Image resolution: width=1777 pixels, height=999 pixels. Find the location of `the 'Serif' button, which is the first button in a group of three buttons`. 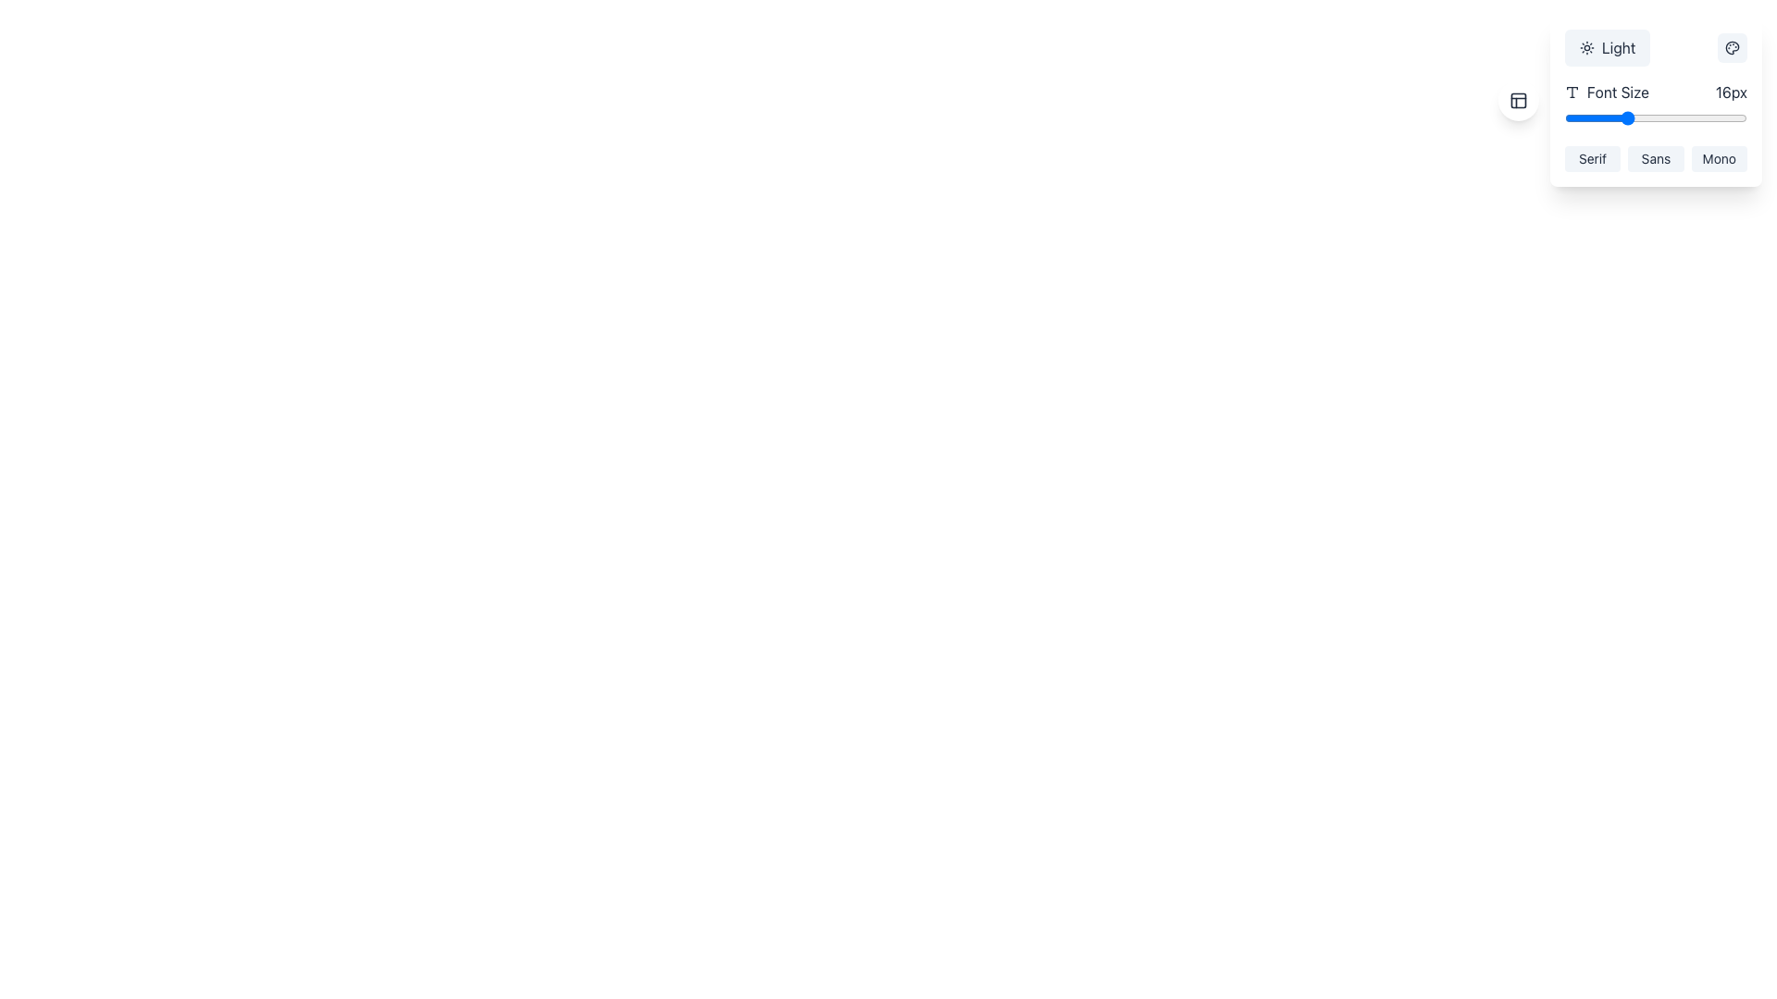

the 'Serif' button, which is the first button in a group of three buttons is located at coordinates (1592, 158).